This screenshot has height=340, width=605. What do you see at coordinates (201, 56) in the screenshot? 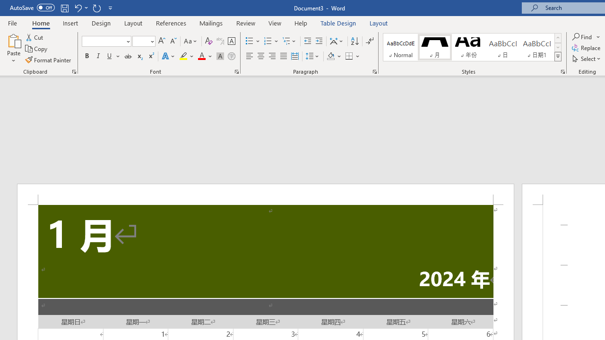
I see `'Font Color RGB(255, 0, 0)'` at bounding box center [201, 56].